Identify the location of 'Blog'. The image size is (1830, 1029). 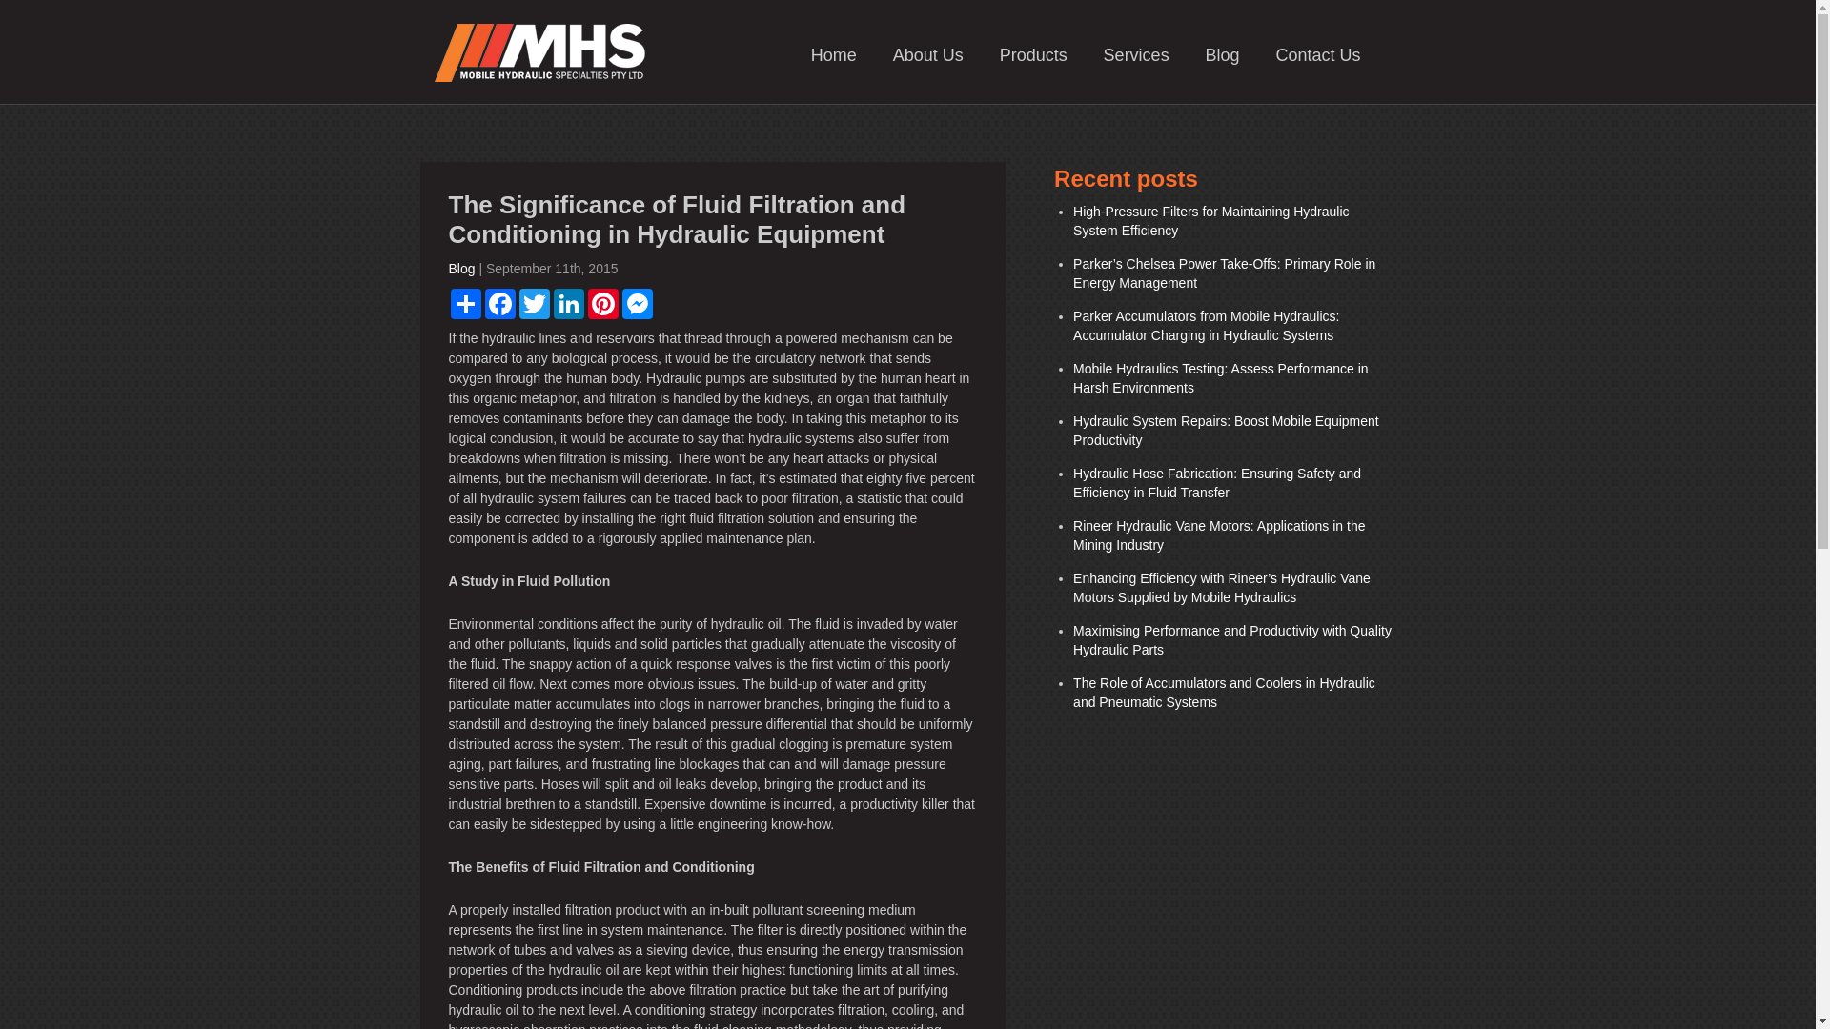
(1222, 53).